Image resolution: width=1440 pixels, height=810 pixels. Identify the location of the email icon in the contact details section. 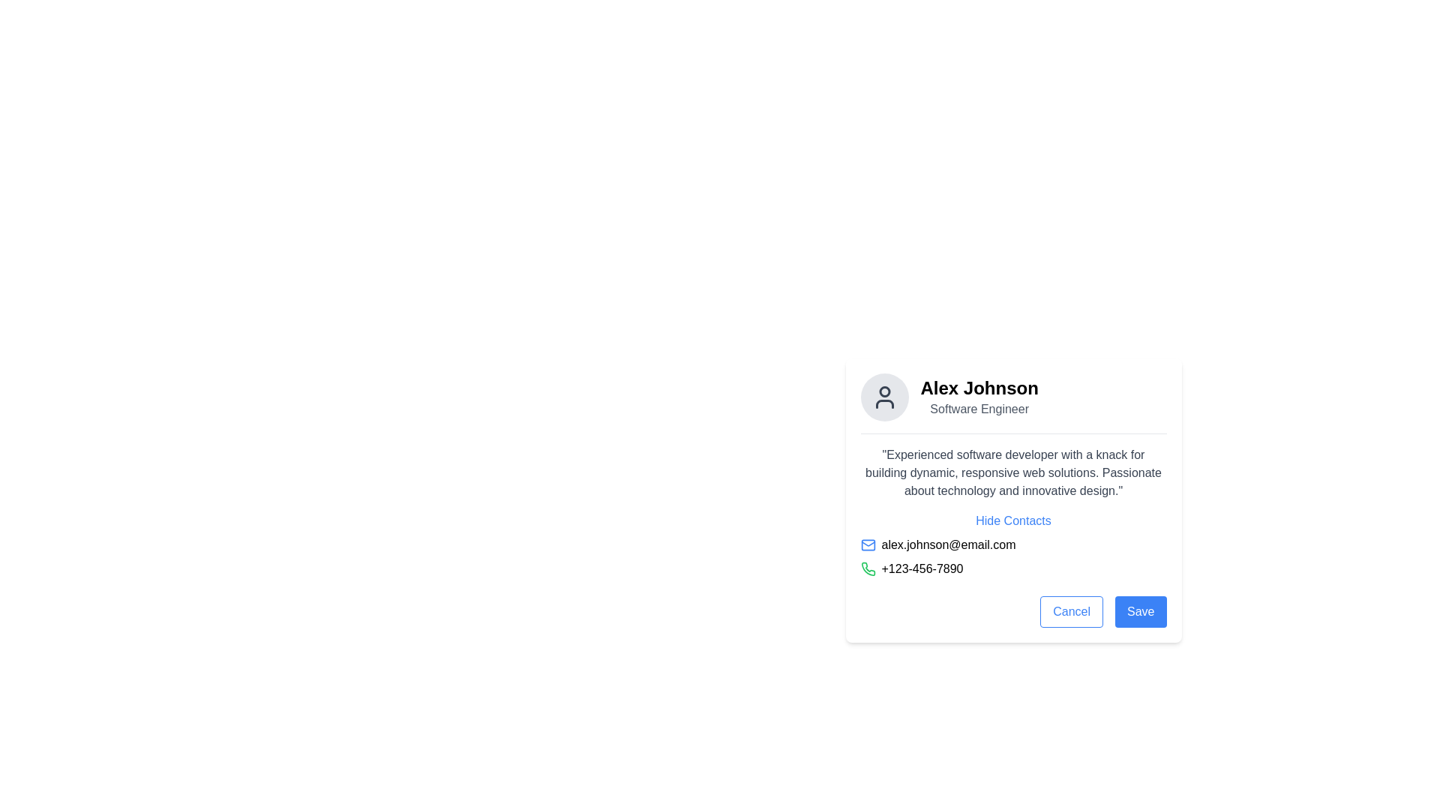
(1013, 557).